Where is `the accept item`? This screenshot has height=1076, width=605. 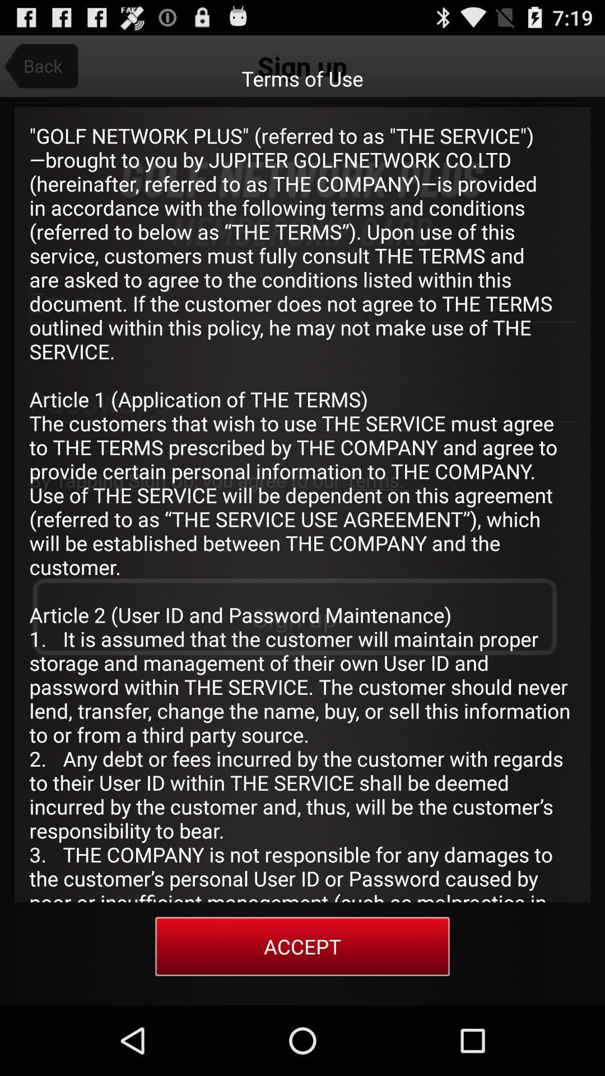
the accept item is located at coordinates (302, 946).